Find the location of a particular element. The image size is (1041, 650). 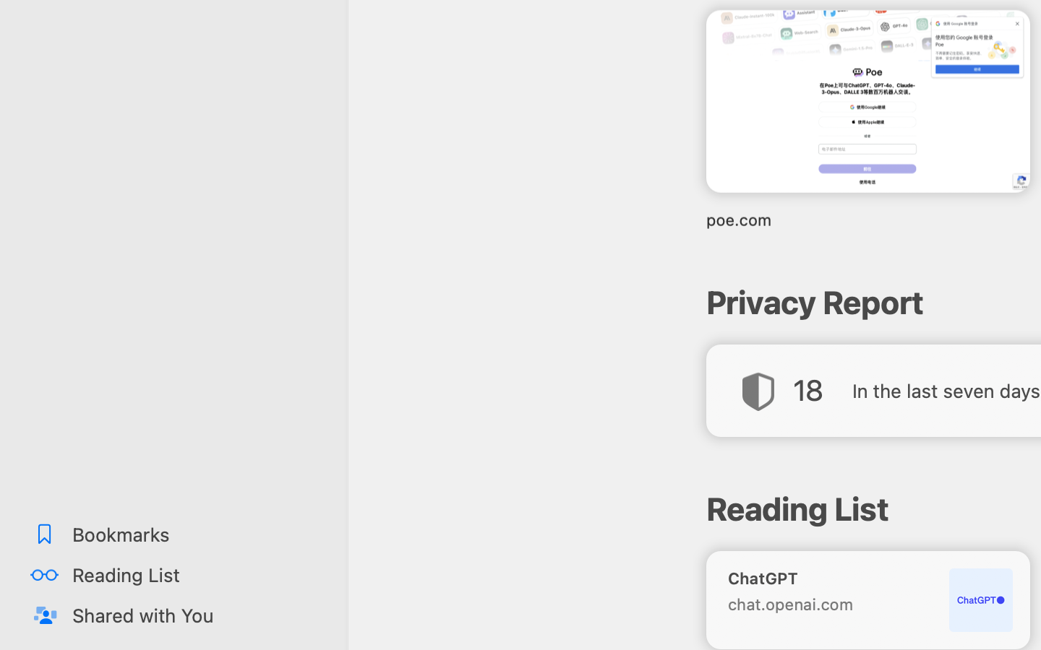

'poe.com' is located at coordinates (867, 219).